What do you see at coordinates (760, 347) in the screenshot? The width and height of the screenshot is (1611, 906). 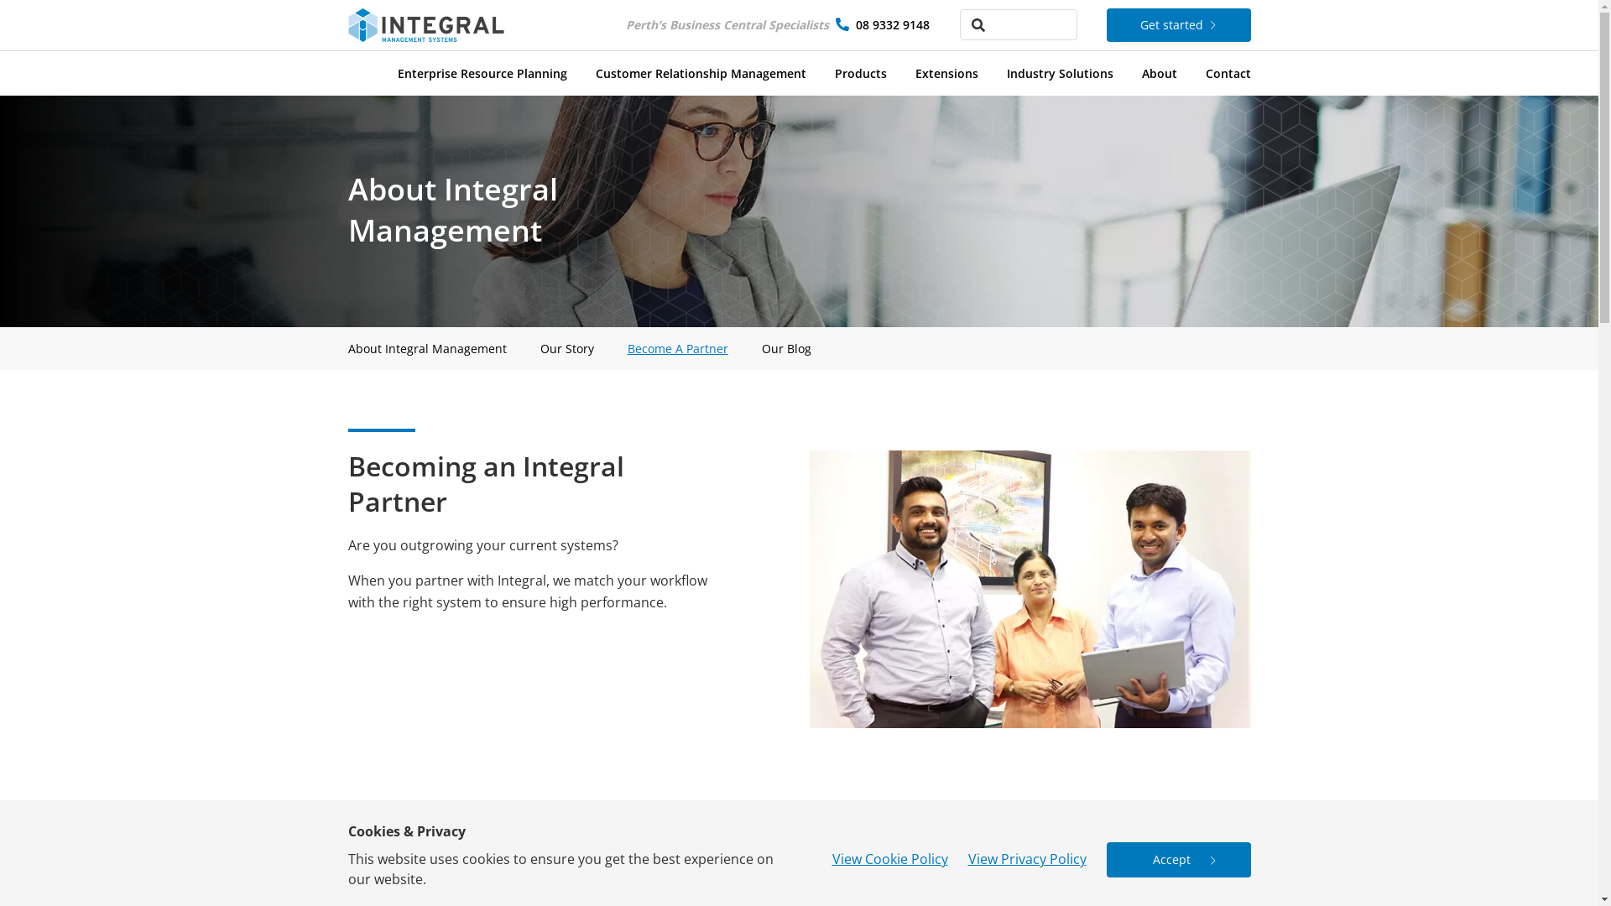 I see `'Our Blog'` at bounding box center [760, 347].